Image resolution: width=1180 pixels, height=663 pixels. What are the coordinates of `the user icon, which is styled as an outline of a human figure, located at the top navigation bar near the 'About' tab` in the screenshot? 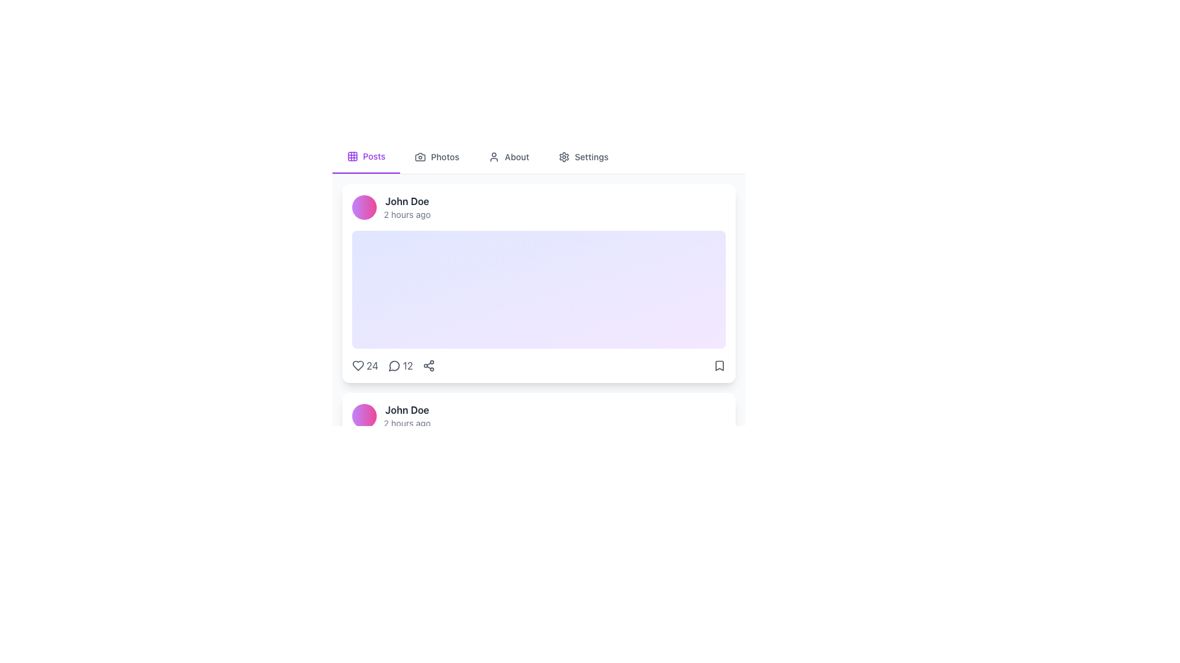 It's located at (494, 156).